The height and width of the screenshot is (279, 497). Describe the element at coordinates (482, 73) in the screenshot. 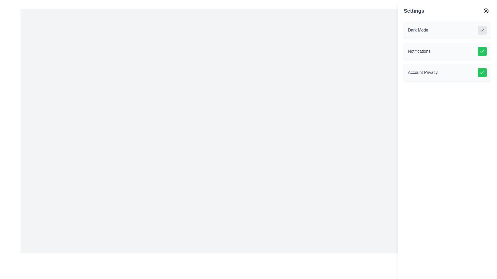

I see `the SVG icon styled as a checkmark located in the 'Account Privacy' row, which has a green background and white stroke, positioned to the right of the text label` at that location.